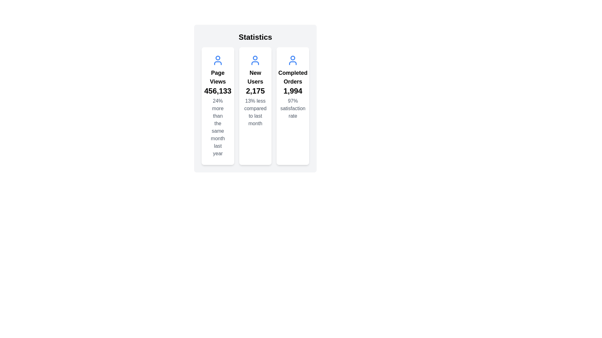 The width and height of the screenshot is (602, 338). Describe the element at coordinates (218, 60) in the screenshot. I see `the icon that visually communicates user-related statistics on the card labeled 'Page Views', positioned centrally at the top of the card above the text 'Page Views'` at that location.